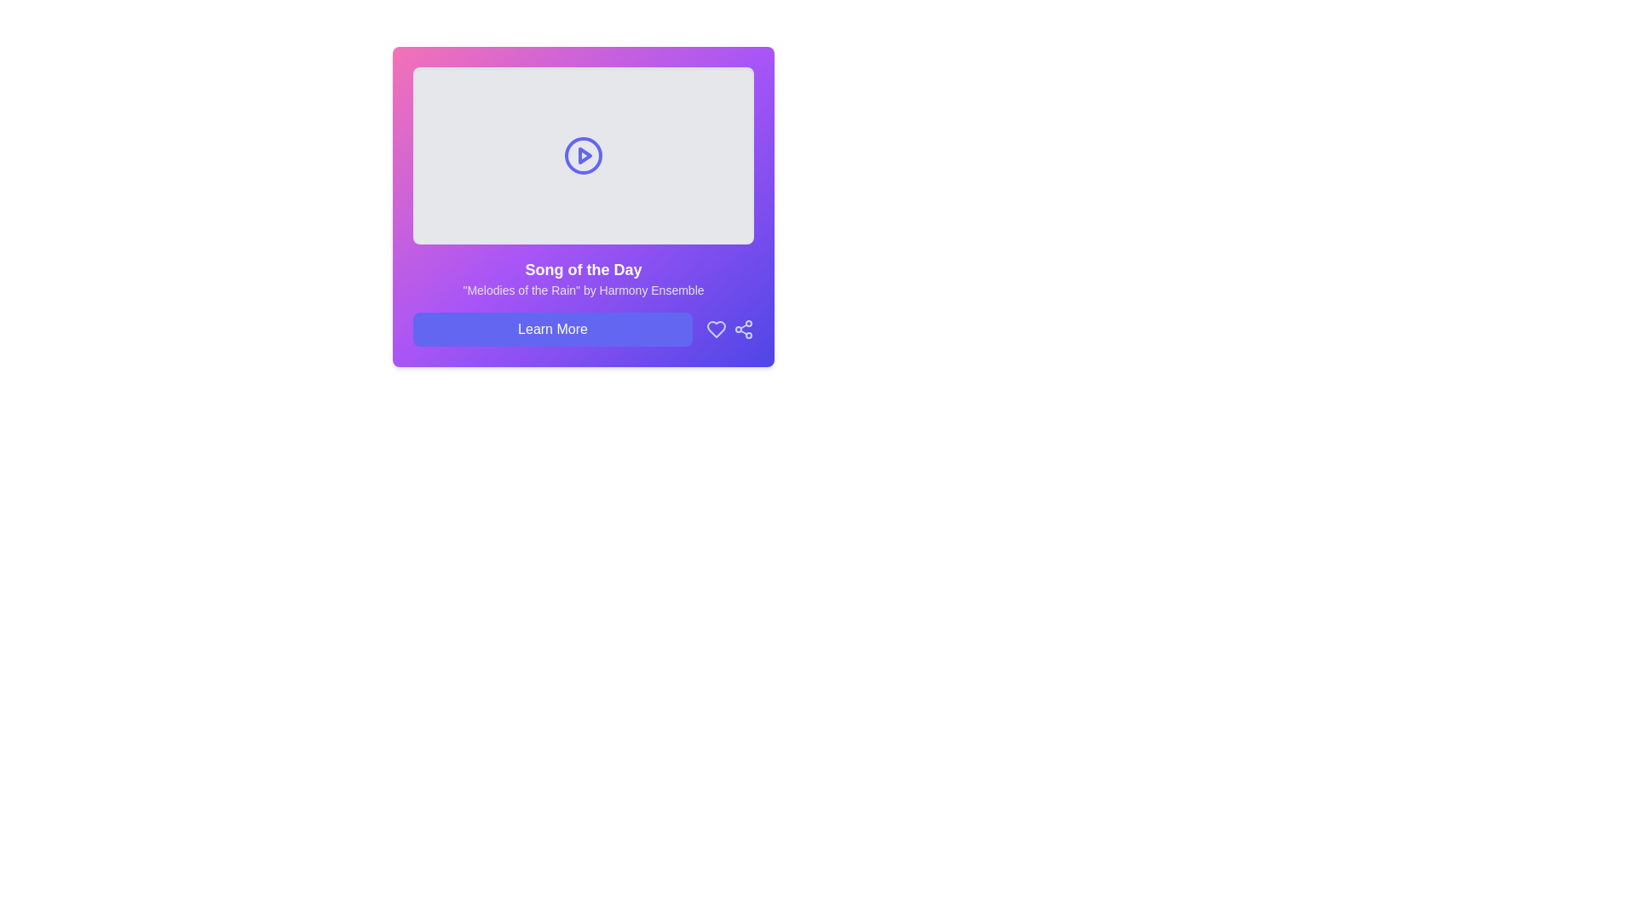  I want to click on the share button with a purple background located in the bottom-right corner of the card interface to visualize interactivity, so click(744, 329).